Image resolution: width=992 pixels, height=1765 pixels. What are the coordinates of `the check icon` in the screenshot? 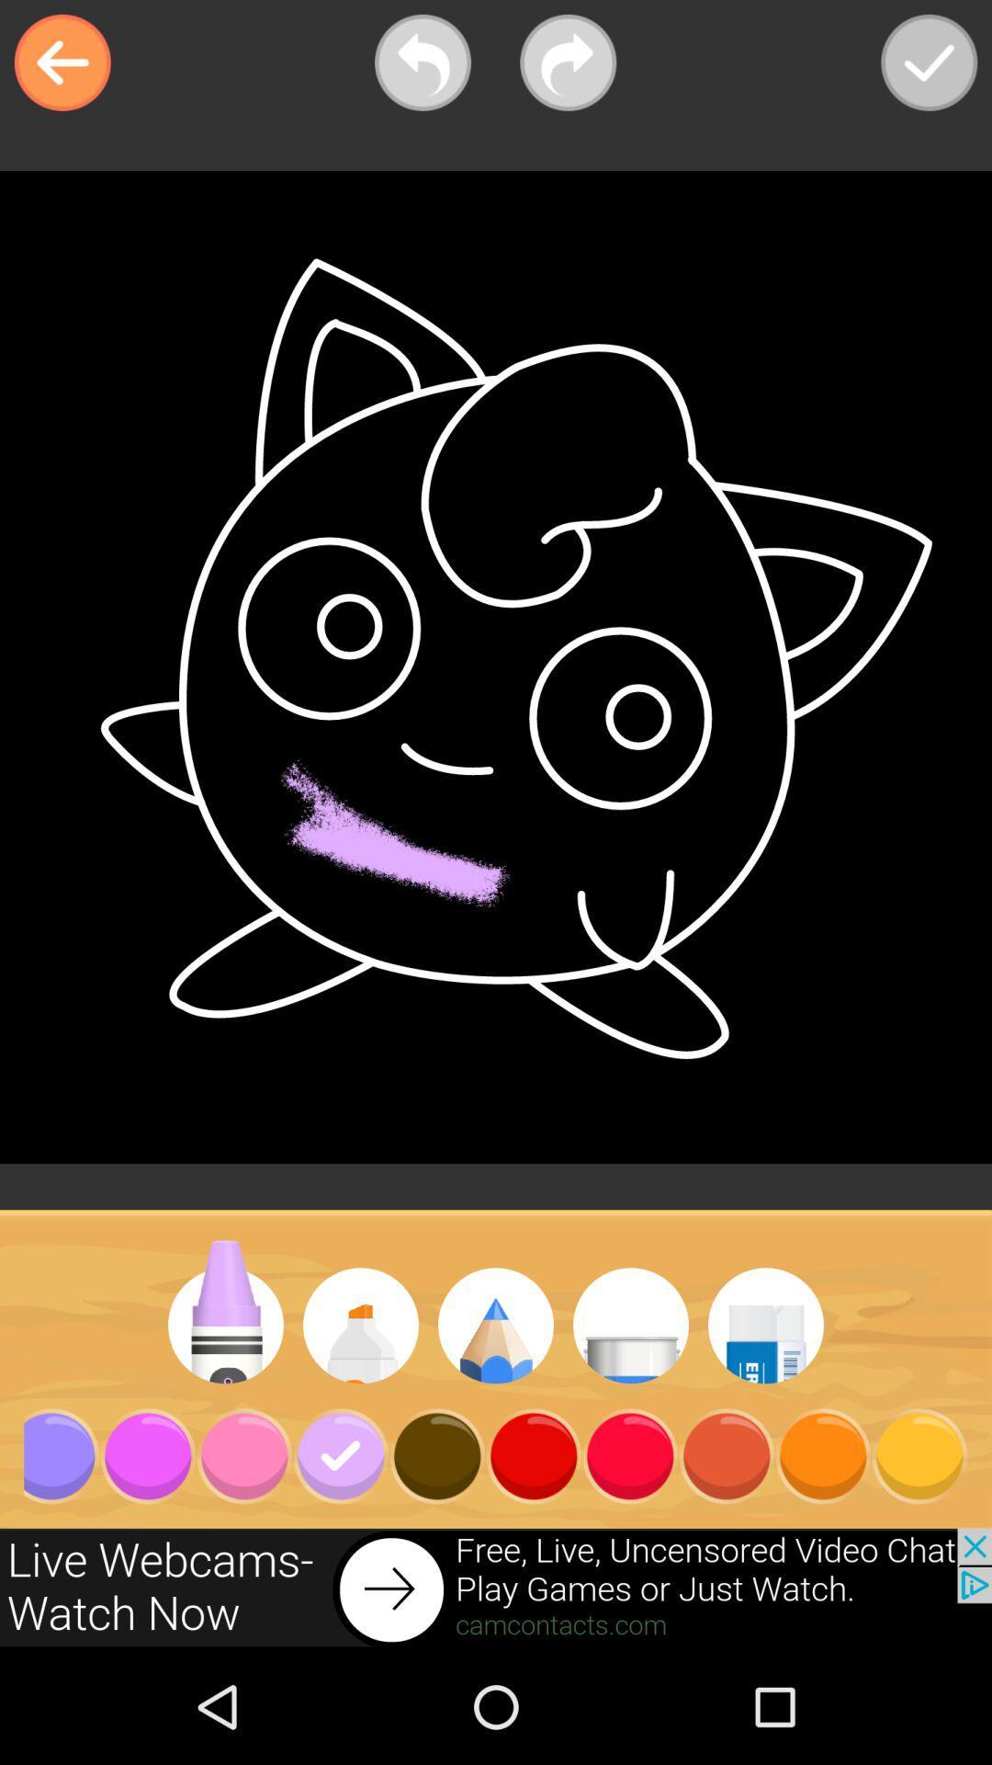 It's located at (929, 63).